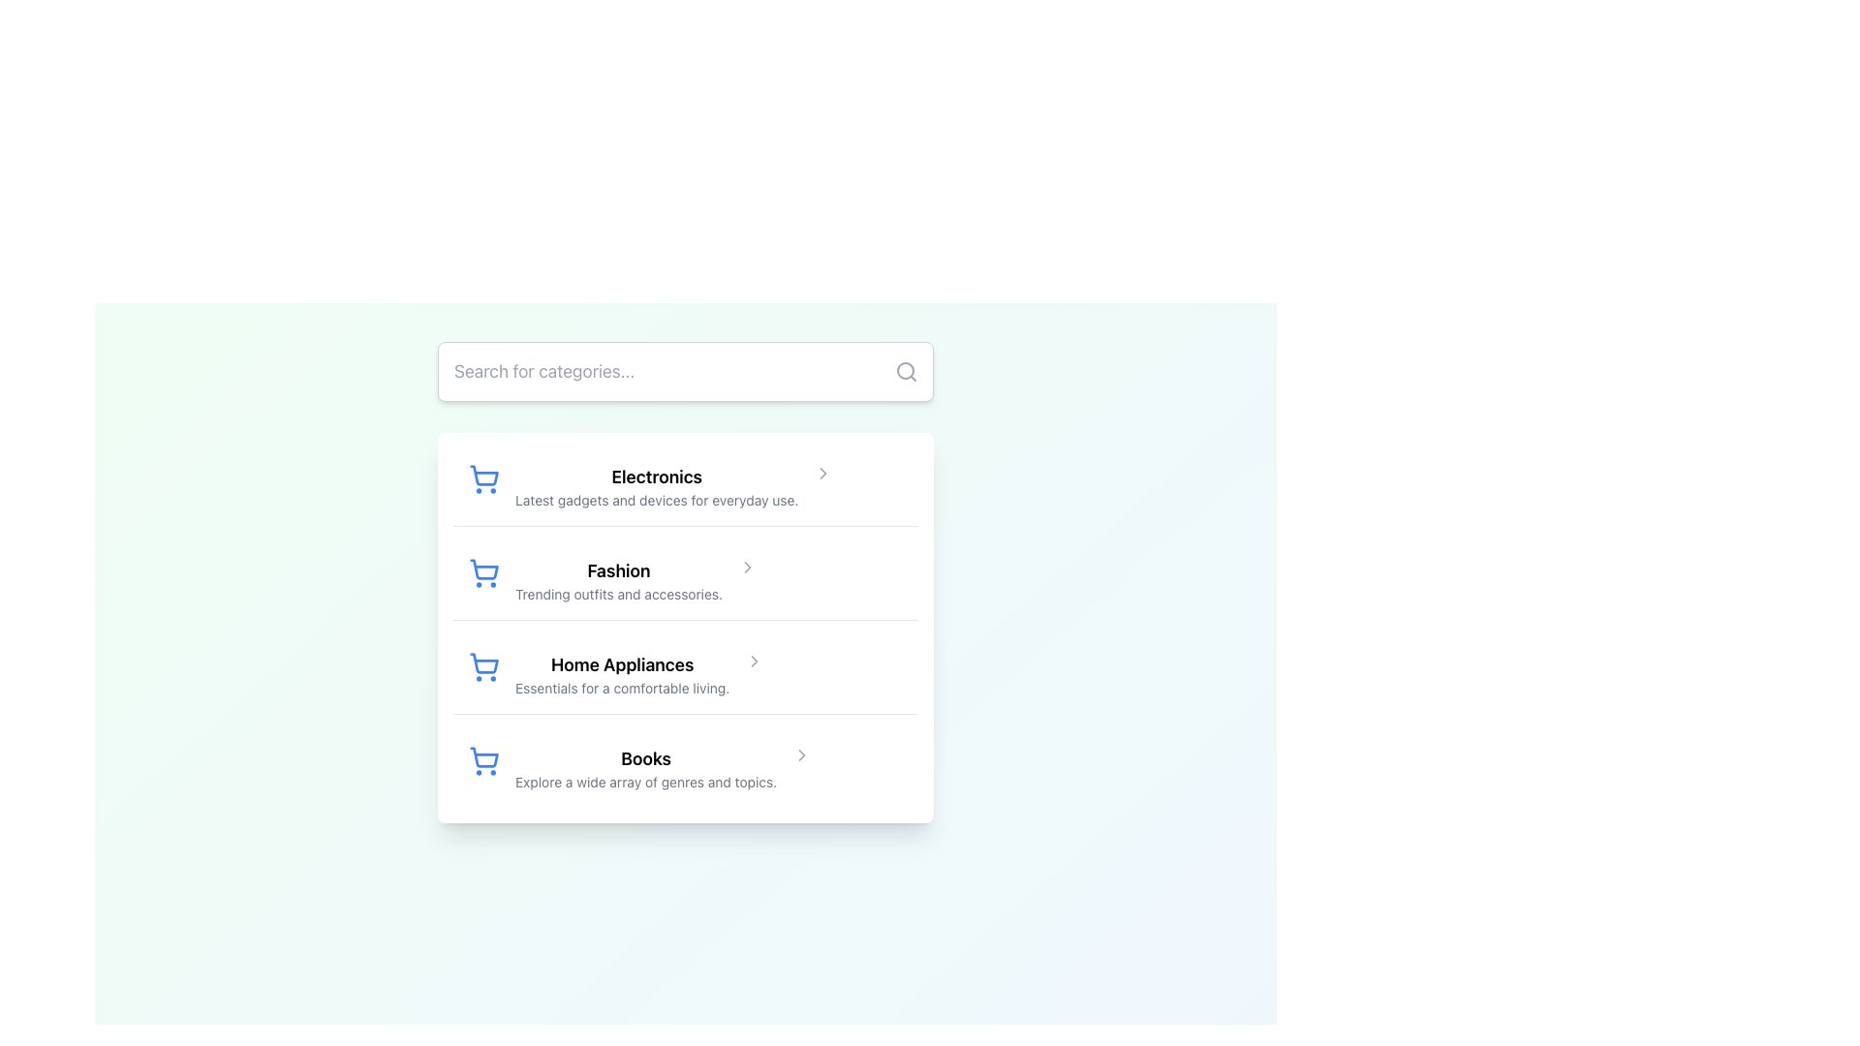  What do you see at coordinates (802, 754) in the screenshot?
I see `the forward-pointing gray chevron icon located at the far right of the row labeled 'Books - Explore a wide array of genres and topics.'` at bounding box center [802, 754].